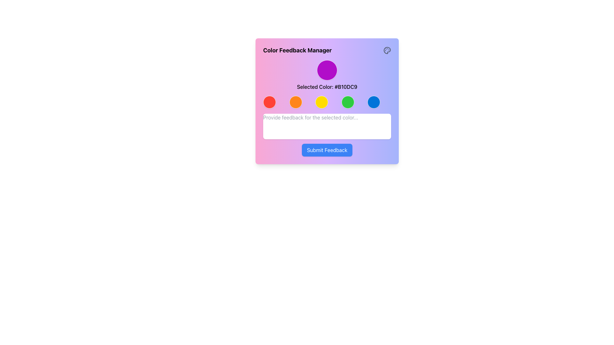  What do you see at coordinates (327, 150) in the screenshot?
I see `the 'Submit Feedback' button, which is a rectangular button with rounded corners, blue background, and white text located at the bottom center of the 'Color Feedback Manager' UI card` at bounding box center [327, 150].